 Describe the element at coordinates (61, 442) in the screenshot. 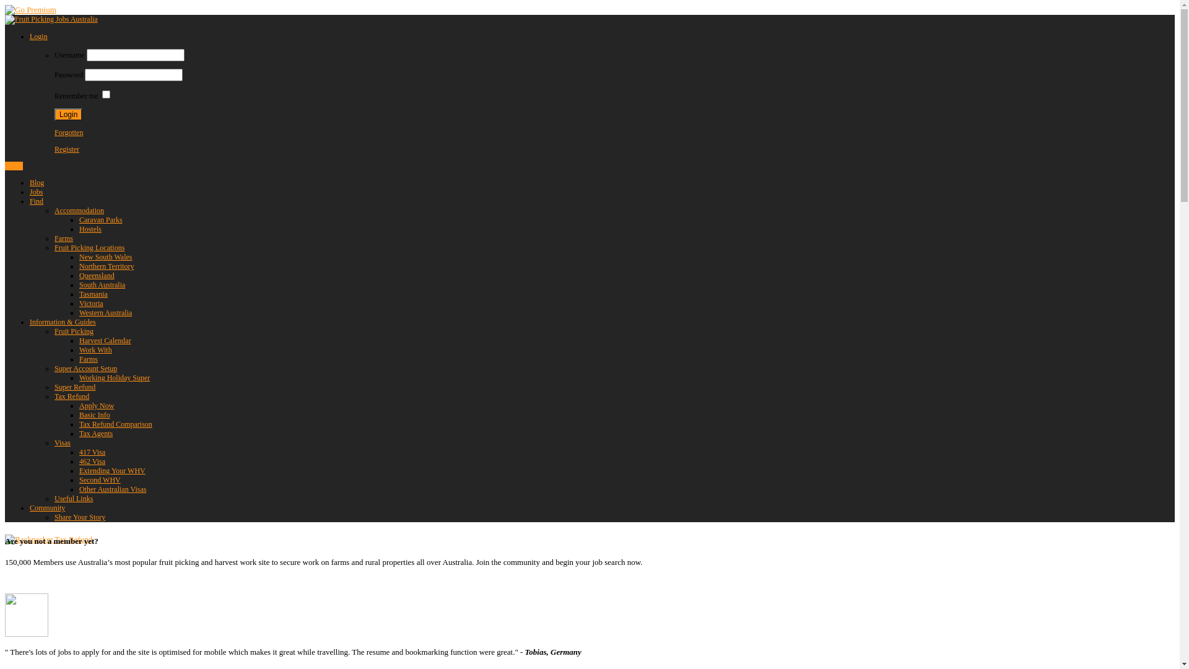

I see `'Visas'` at that location.